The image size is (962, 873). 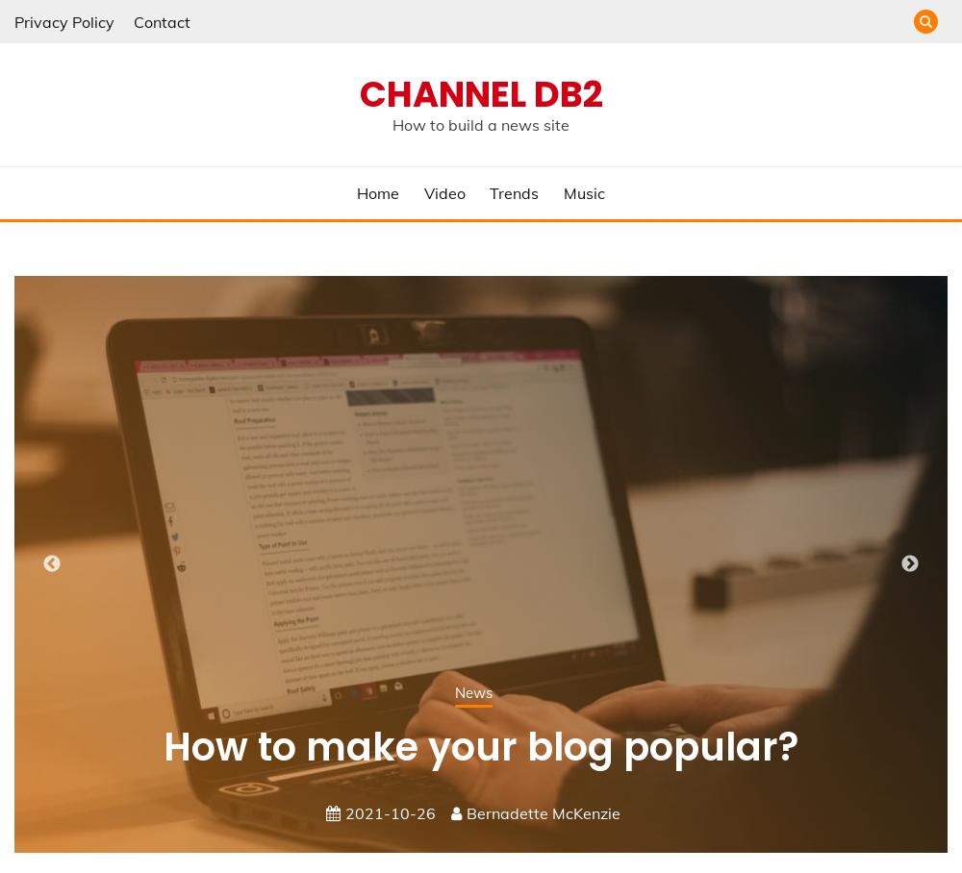 I want to click on '2021-10-26', so click(x=391, y=811).